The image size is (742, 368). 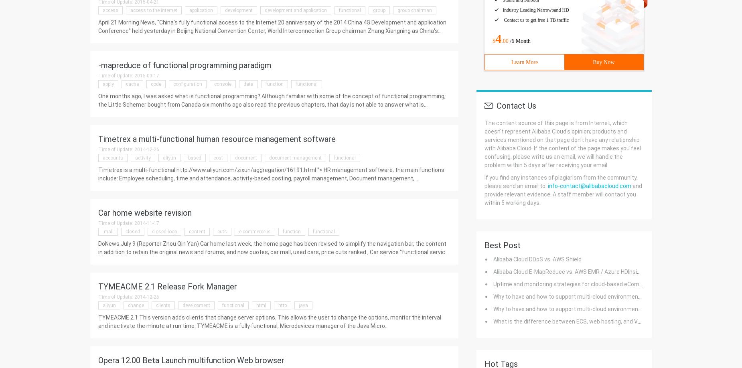 I want to click on 'change', so click(x=135, y=305).